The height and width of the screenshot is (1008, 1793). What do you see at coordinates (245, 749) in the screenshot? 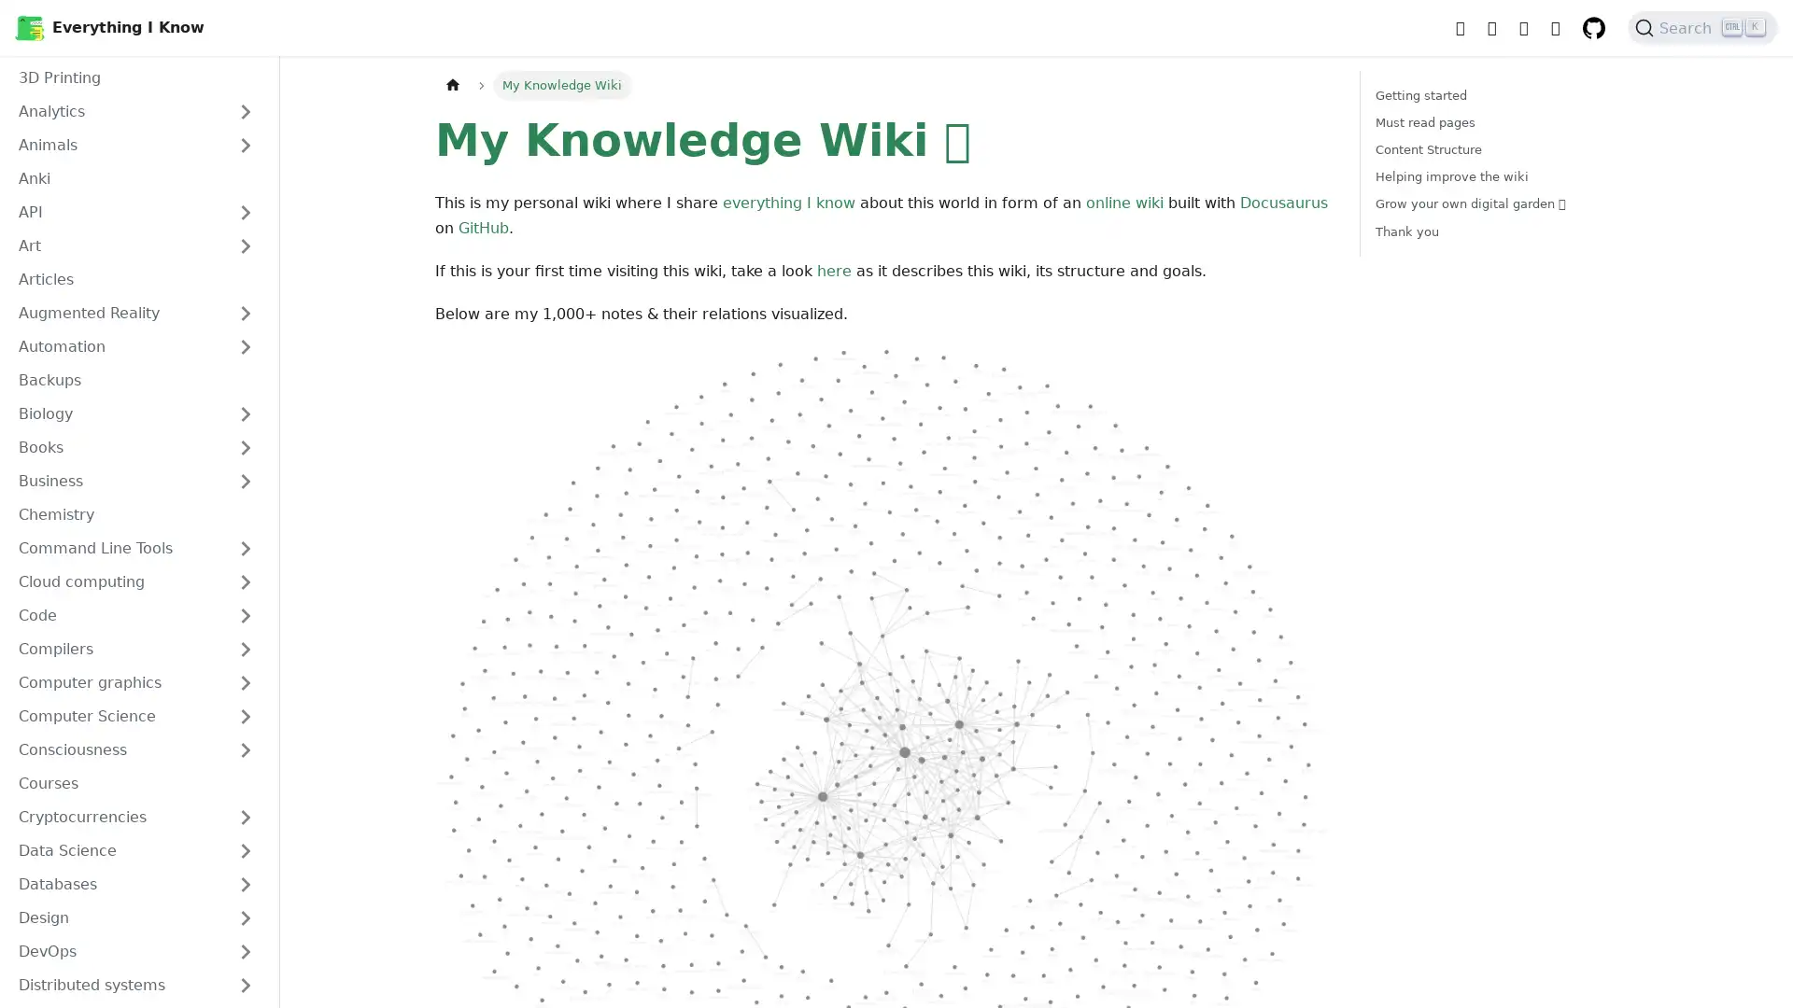
I see `Toggle the collapsible sidebar category 'Consciousness'` at bounding box center [245, 749].